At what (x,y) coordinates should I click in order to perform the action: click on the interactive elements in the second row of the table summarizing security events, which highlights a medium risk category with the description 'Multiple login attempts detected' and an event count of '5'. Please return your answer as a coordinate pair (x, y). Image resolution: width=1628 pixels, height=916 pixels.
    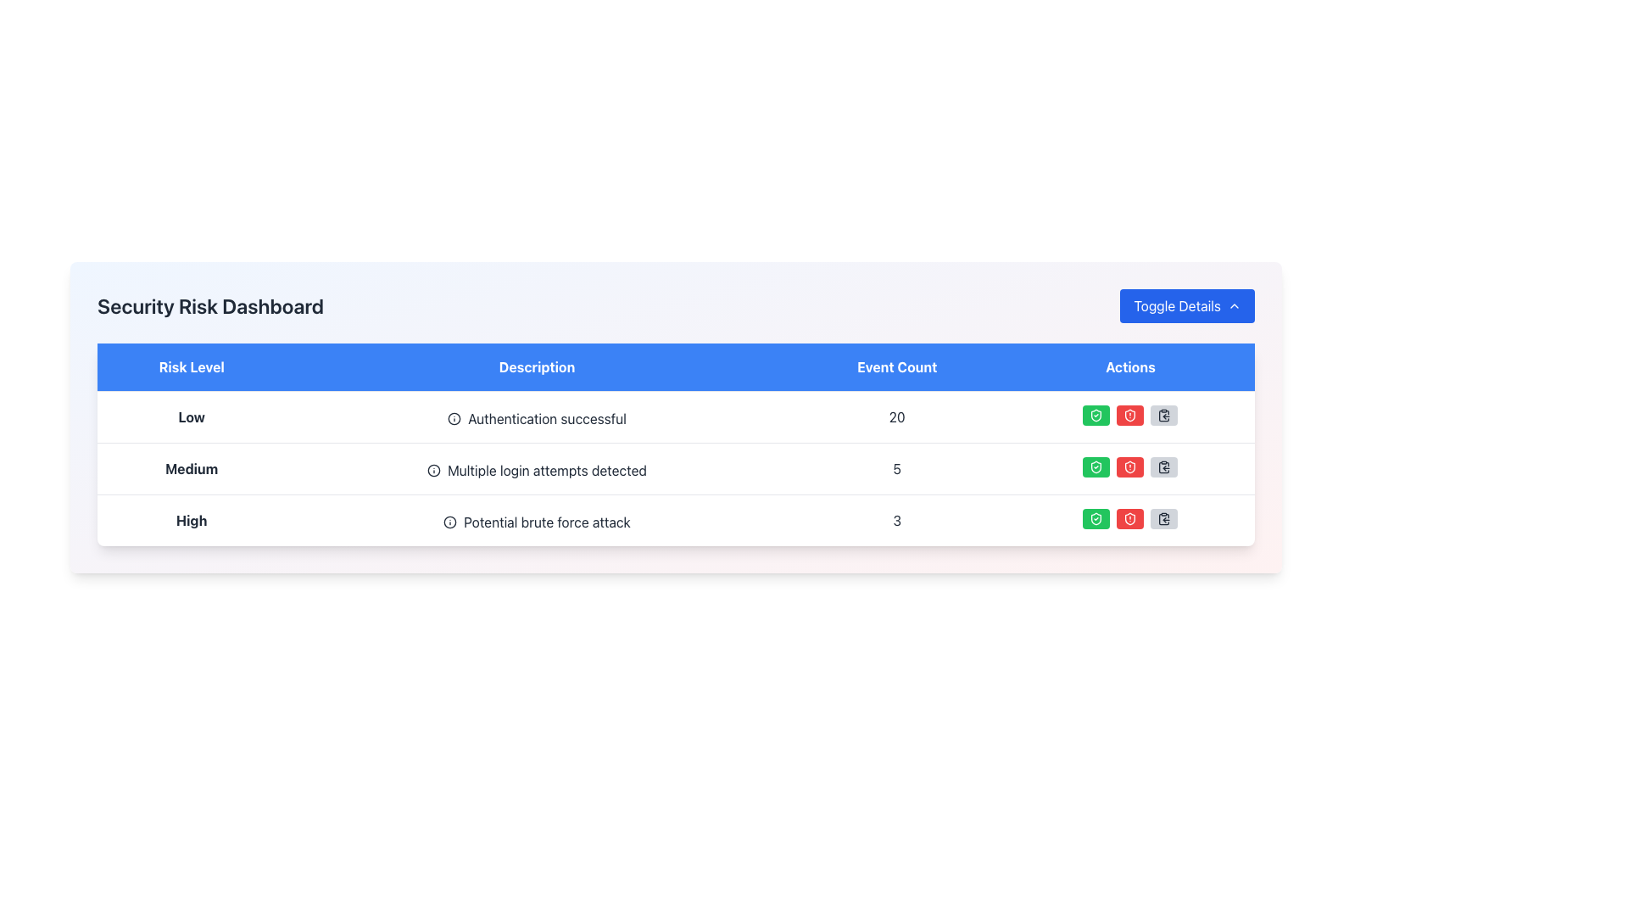
    Looking at the image, I should click on (675, 468).